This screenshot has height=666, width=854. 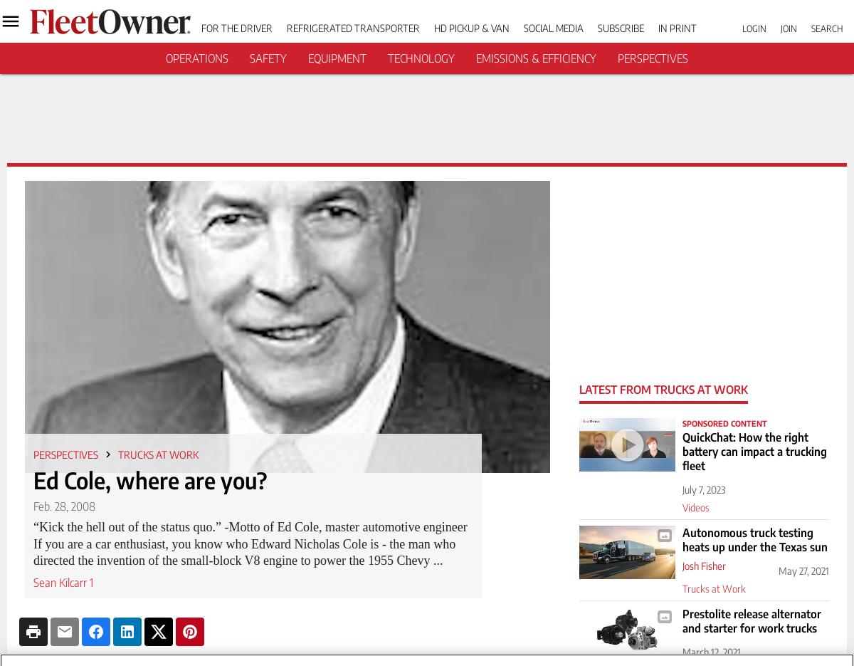 What do you see at coordinates (472, 27) in the screenshot?
I see `'HD Pickup & Van'` at bounding box center [472, 27].